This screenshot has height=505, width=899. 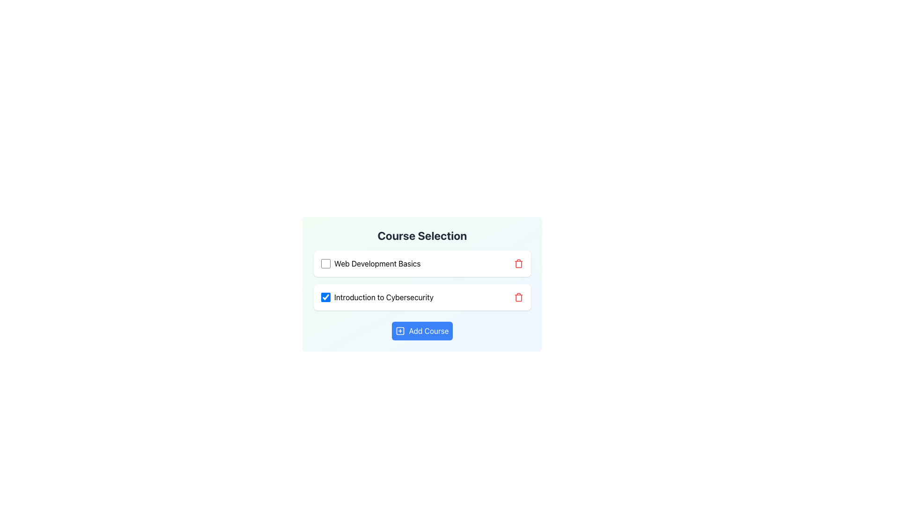 I want to click on the static text label displaying 'Introduction to Cybersecurity', which is located in the second row of the course list, positioned between a blue-checked checkbox and a red trash icon, so click(x=384, y=297).